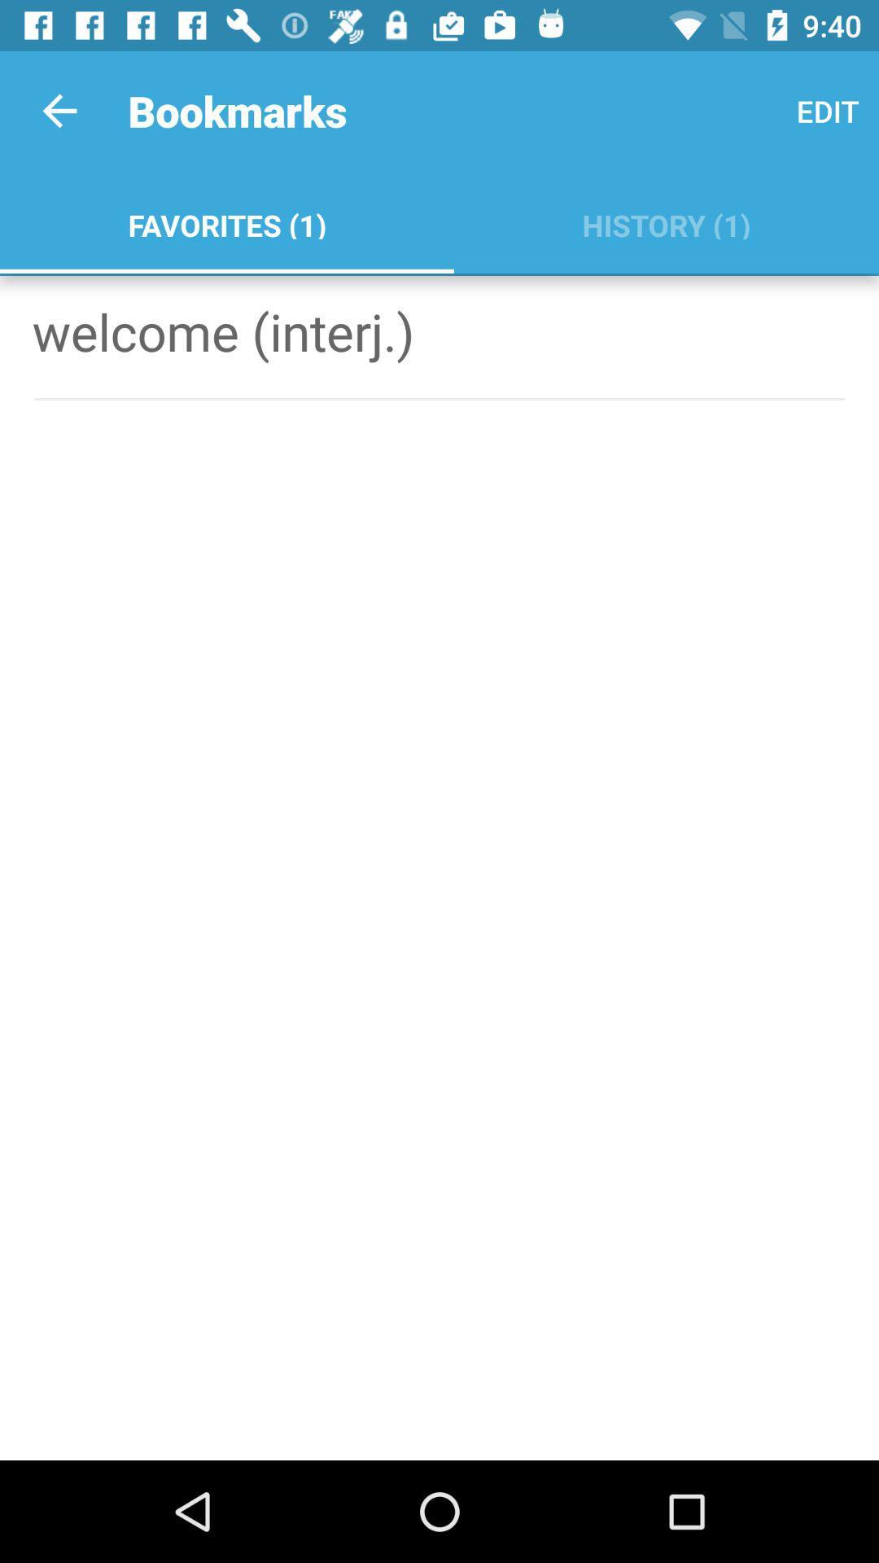  I want to click on item above the favorites (1) icon, so click(59, 110).